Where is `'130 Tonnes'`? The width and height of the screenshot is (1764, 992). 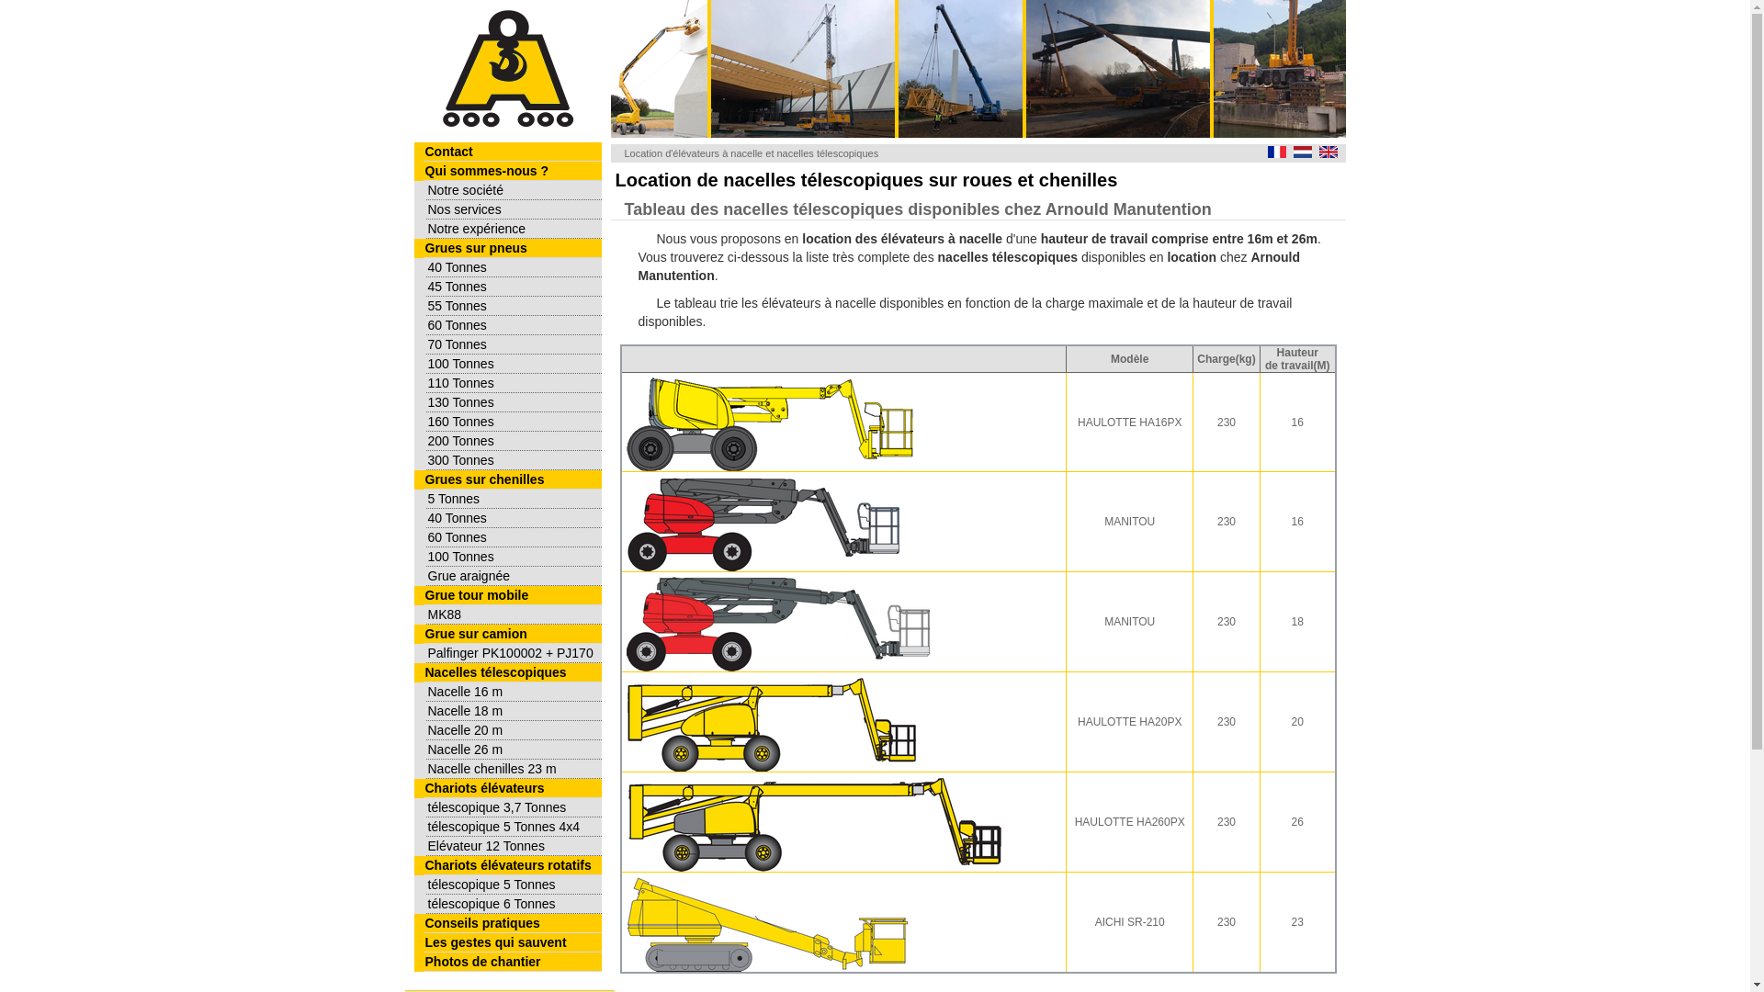
'130 Tonnes' is located at coordinates (425, 401).